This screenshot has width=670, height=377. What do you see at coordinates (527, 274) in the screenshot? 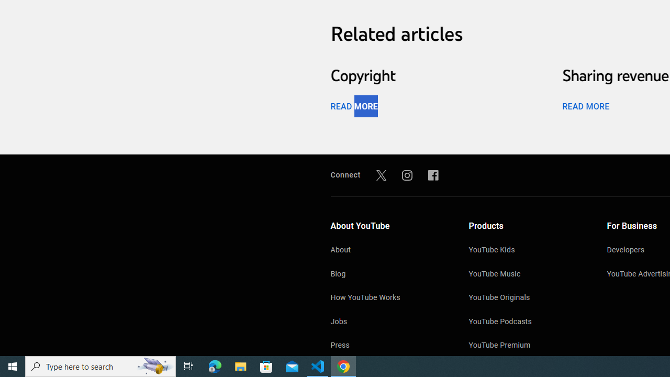
I see `'YouTube Music'` at bounding box center [527, 274].